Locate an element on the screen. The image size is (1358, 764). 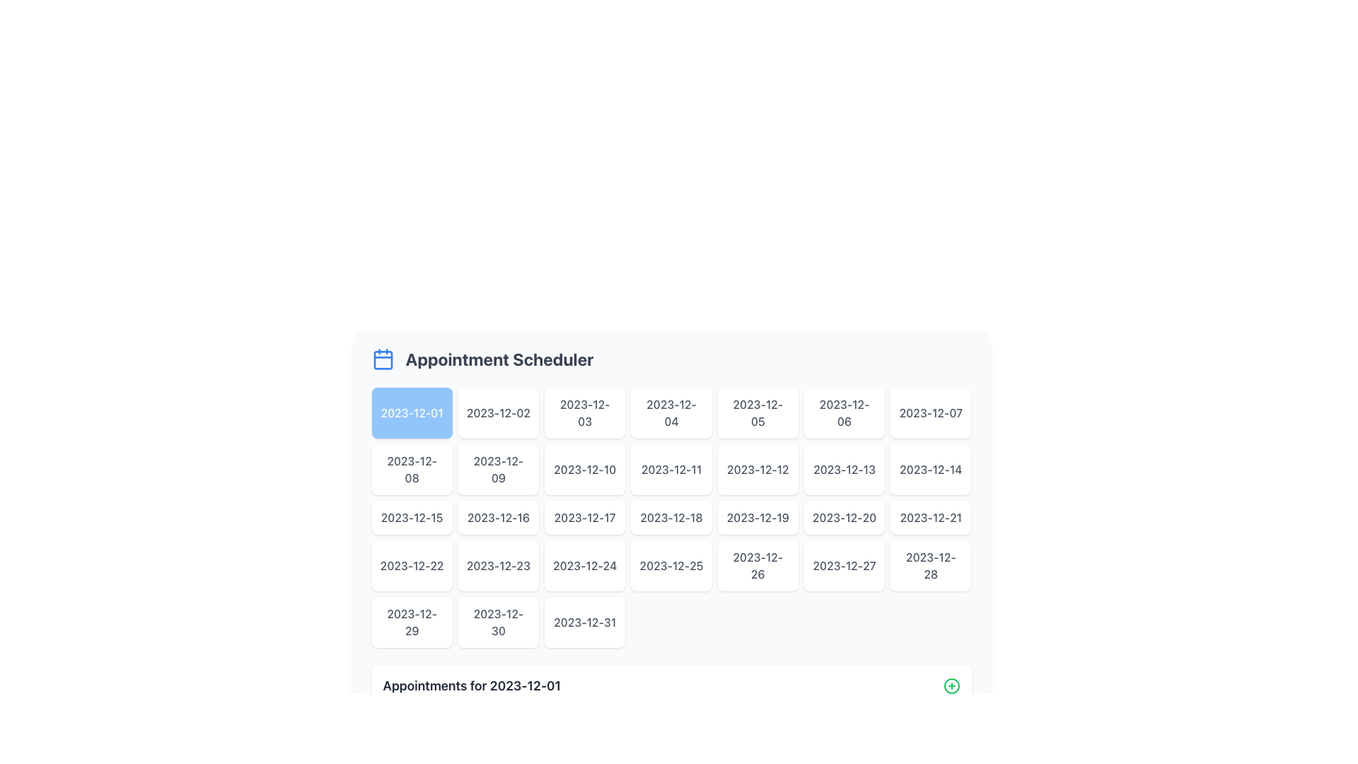
the button labeled '2023-12-25' in the Appointment Scheduler interface is located at coordinates (671, 565).